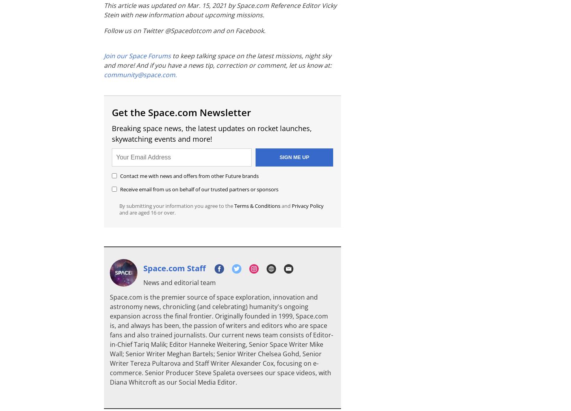 The image size is (571, 411). What do you see at coordinates (221, 339) in the screenshot?
I see `'Space.com is the premier source of space exploration, innovation and astronomy news, chronicling (and celebrating) humanity's ongoing expansion across the final frontier. Originally founded in 1999, Space.com is, and always has been, the passion of writers and editors who are space fans and also trained journalists. Our current news team consists of Editor-in-Chief Tariq Malik; Editor Hanneke Weitering, Senior Space Writer Mike Wall; Senior Writer Meghan Bartels; Senior Writer Chelsea Gohd, Senior Writer Tereza Pultarova and Staff Writer Alexander Cox, focusing on e-commerce. Senior Producer Steve Spaleta oversees our space videos, with Diana Whitcroft as our Social Media Editor.'` at bounding box center [221, 339].